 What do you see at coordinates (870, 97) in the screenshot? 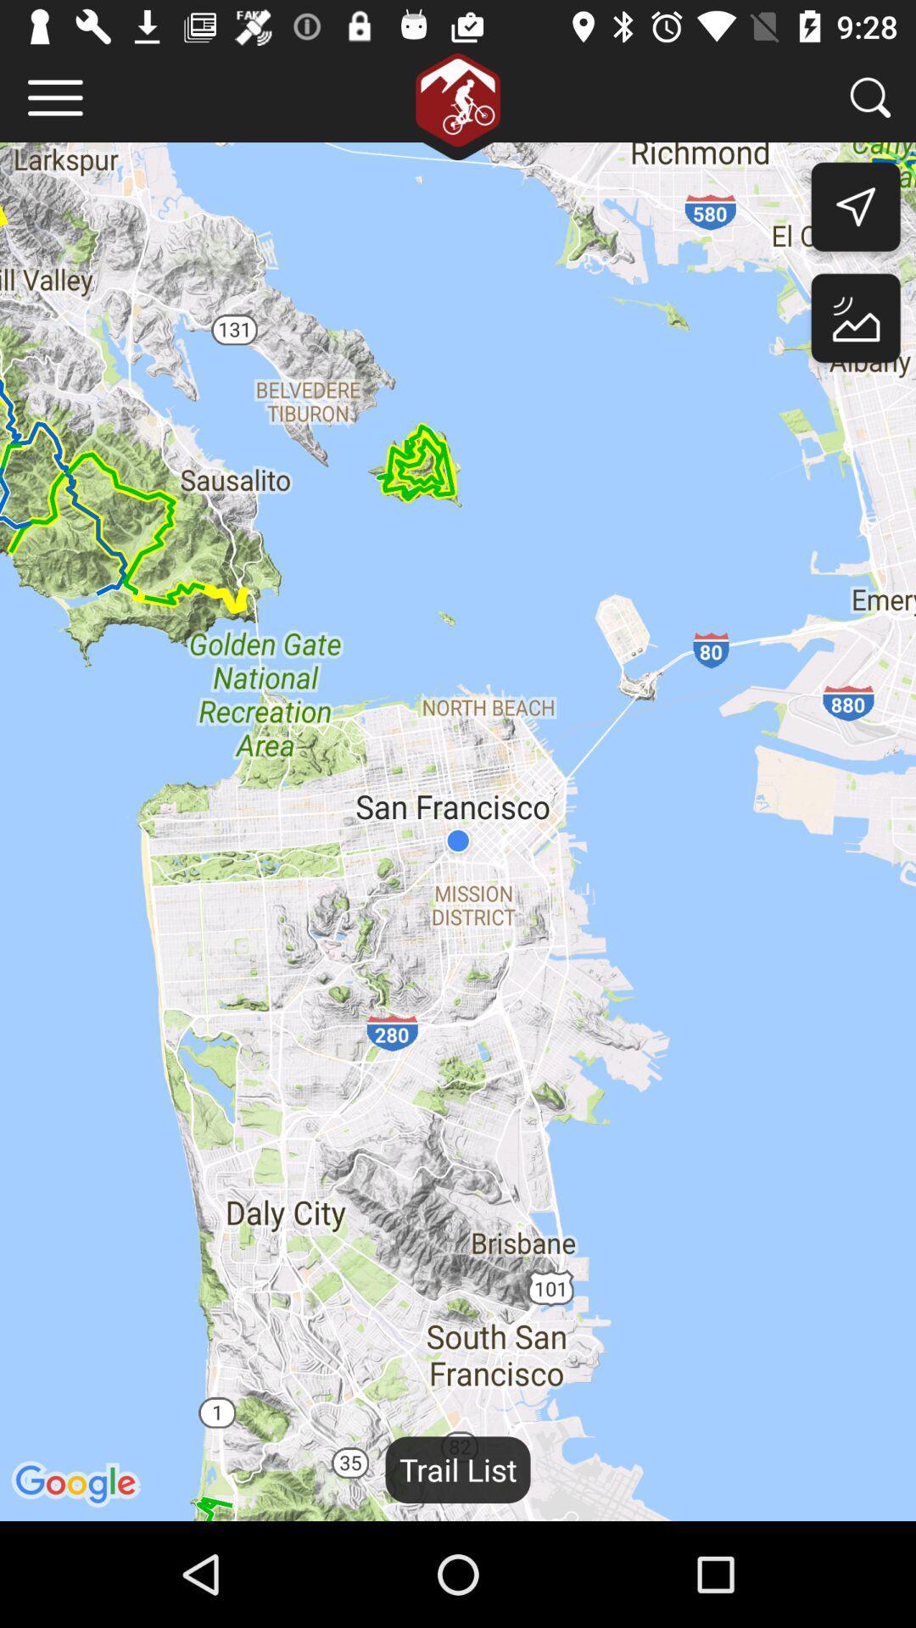
I see `zoom` at bounding box center [870, 97].